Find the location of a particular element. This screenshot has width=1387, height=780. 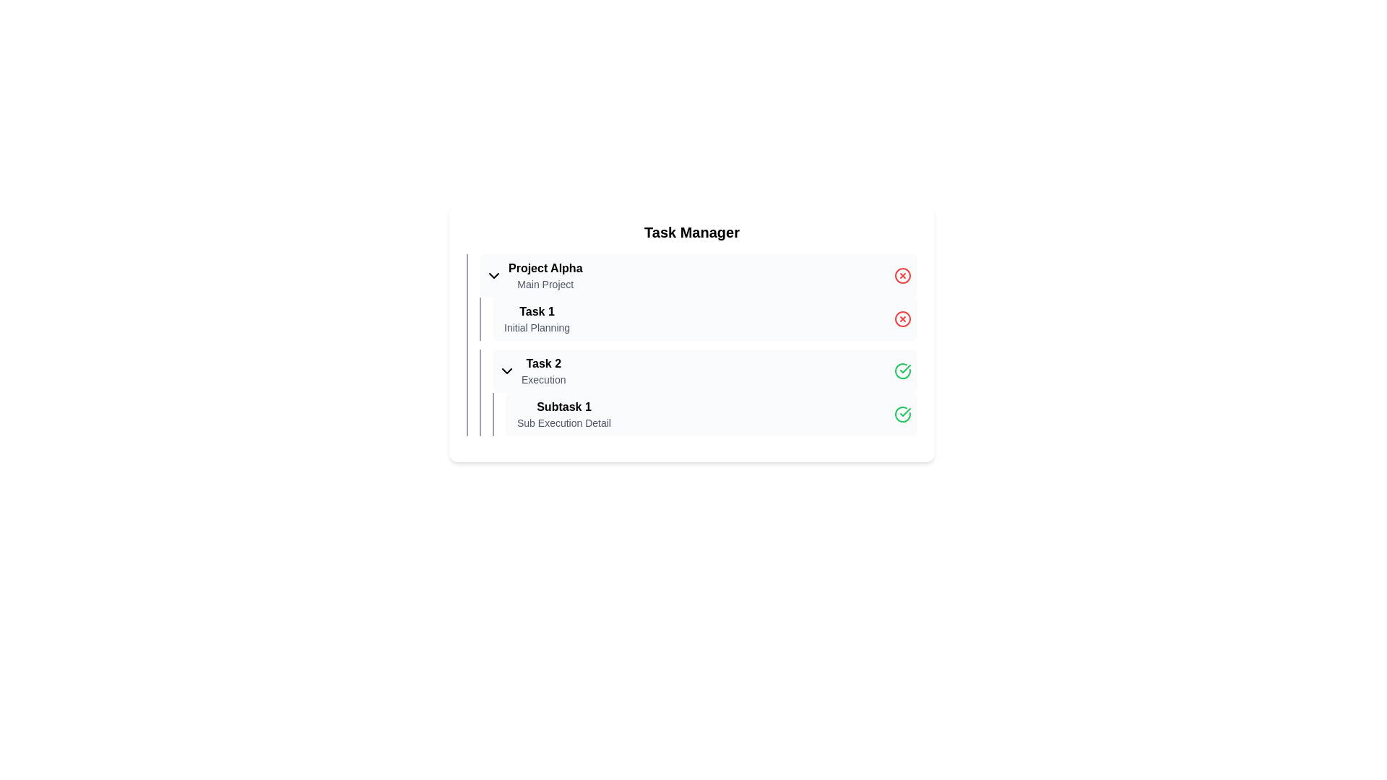

the task representation element titled 'Task 2 - Execution' is located at coordinates (698, 392).